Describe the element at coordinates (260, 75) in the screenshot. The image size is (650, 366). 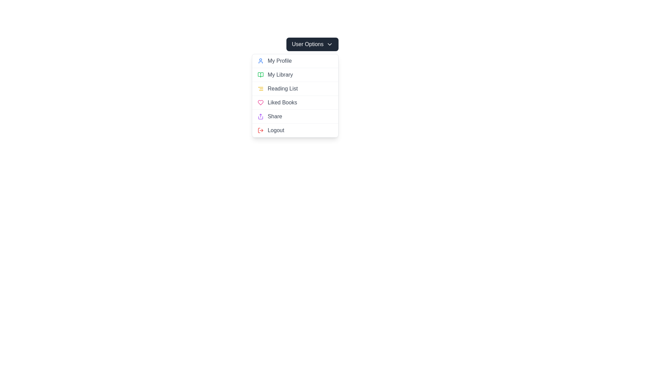
I see `the green tinted open book icon located in the 'My Library' dropdown menu` at that location.